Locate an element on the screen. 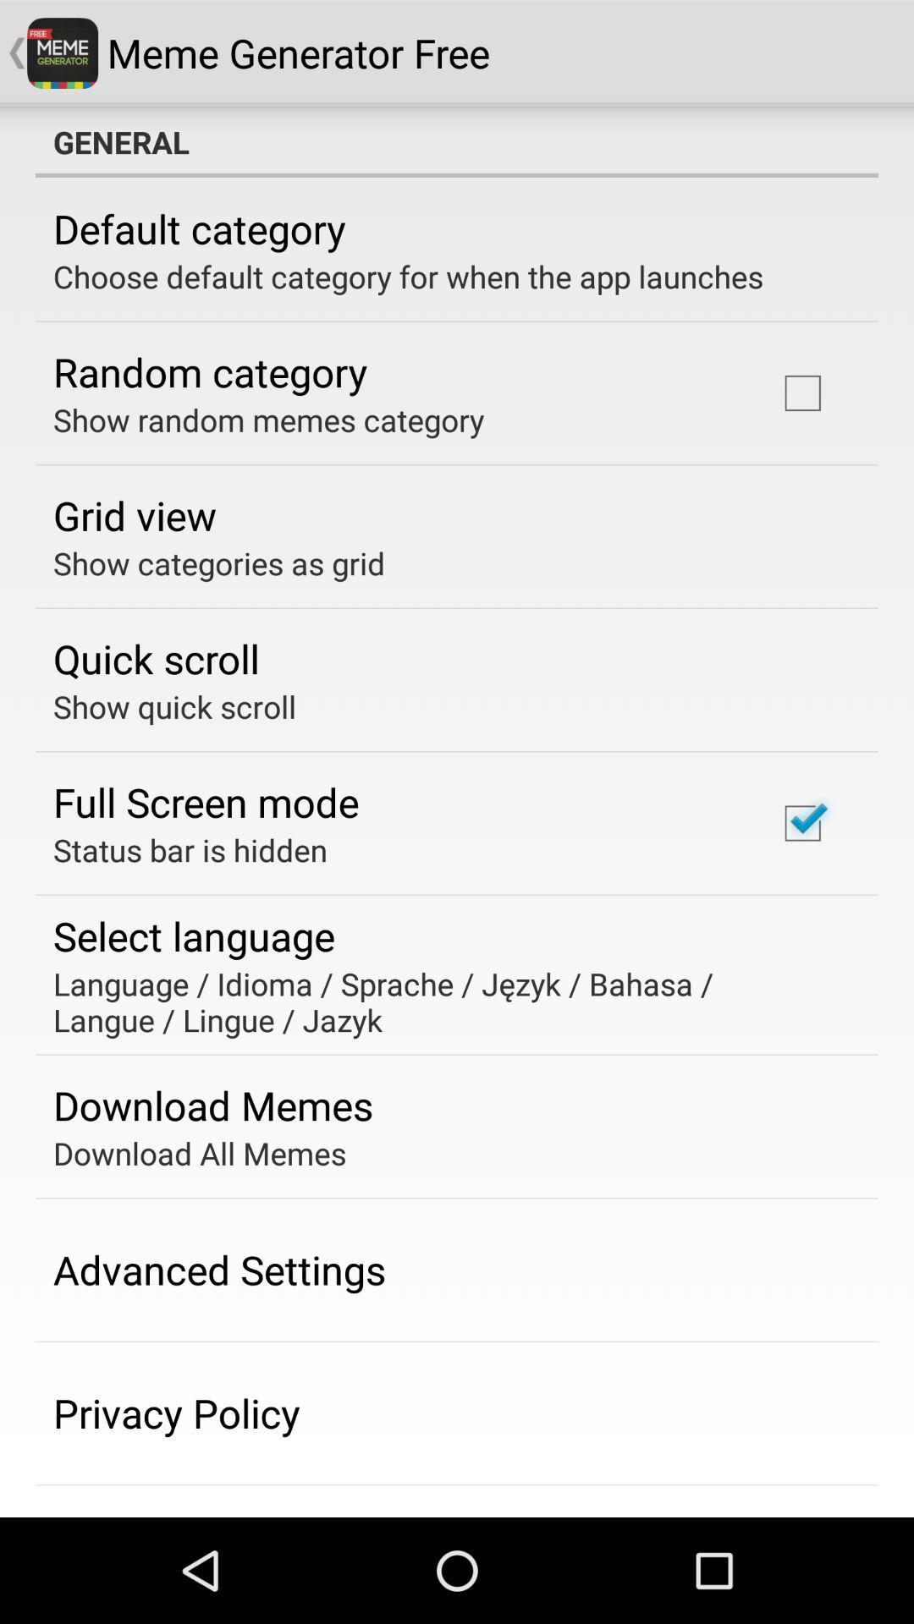 This screenshot has width=914, height=1624. the grid view app is located at coordinates (134, 514).